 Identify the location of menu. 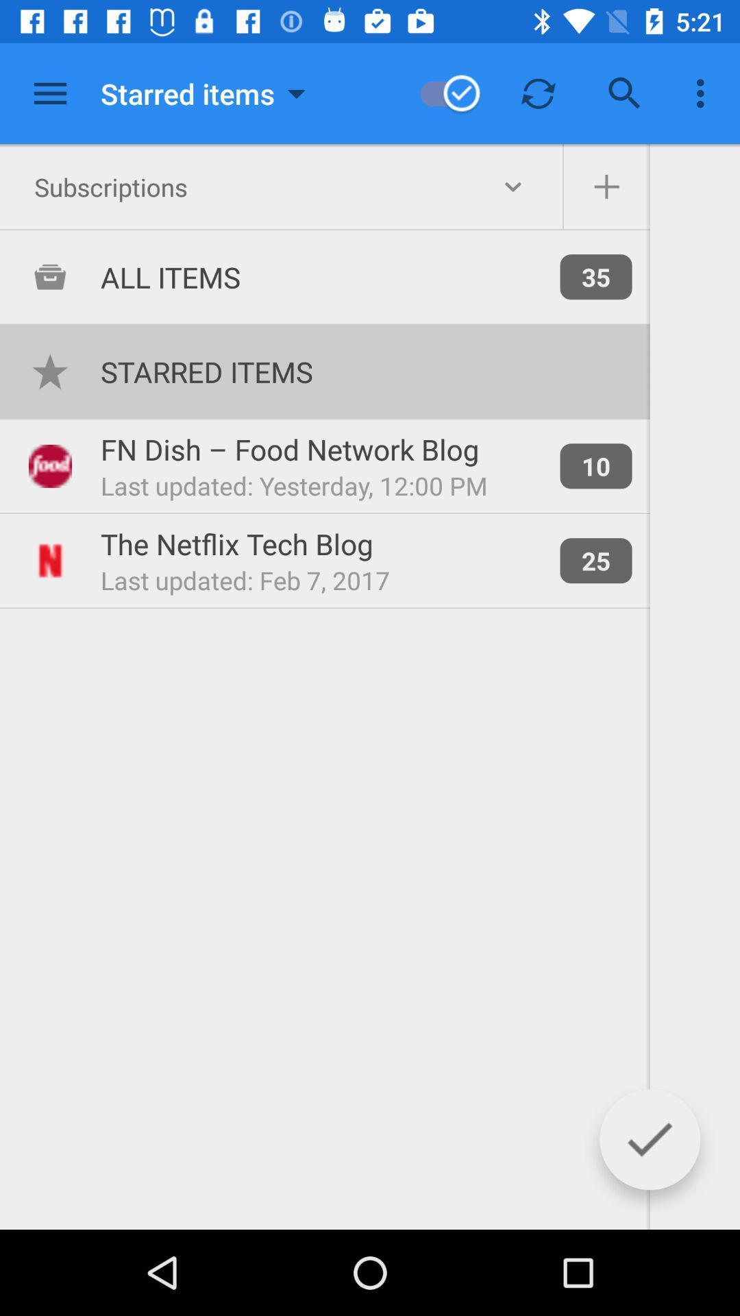
(49, 93).